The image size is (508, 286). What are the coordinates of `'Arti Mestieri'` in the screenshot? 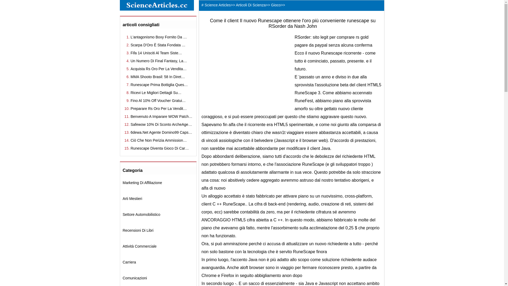 It's located at (123, 198).